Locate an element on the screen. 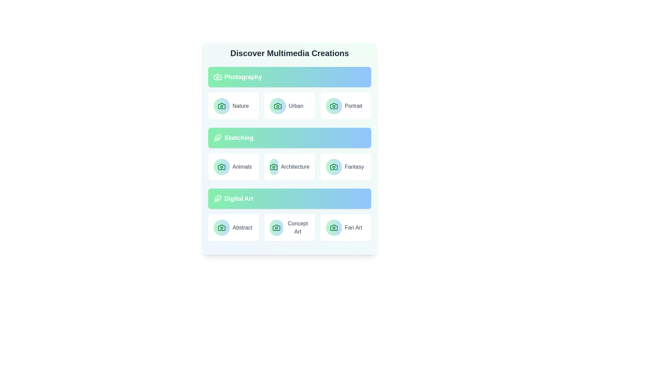  the icon associated with the Concept Art category is located at coordinates (276, 228).